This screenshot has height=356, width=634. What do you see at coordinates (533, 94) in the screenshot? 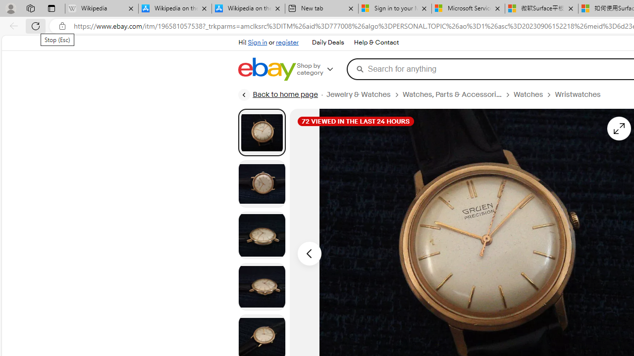
I see `'Watches'` at bounding box center [533, 94].